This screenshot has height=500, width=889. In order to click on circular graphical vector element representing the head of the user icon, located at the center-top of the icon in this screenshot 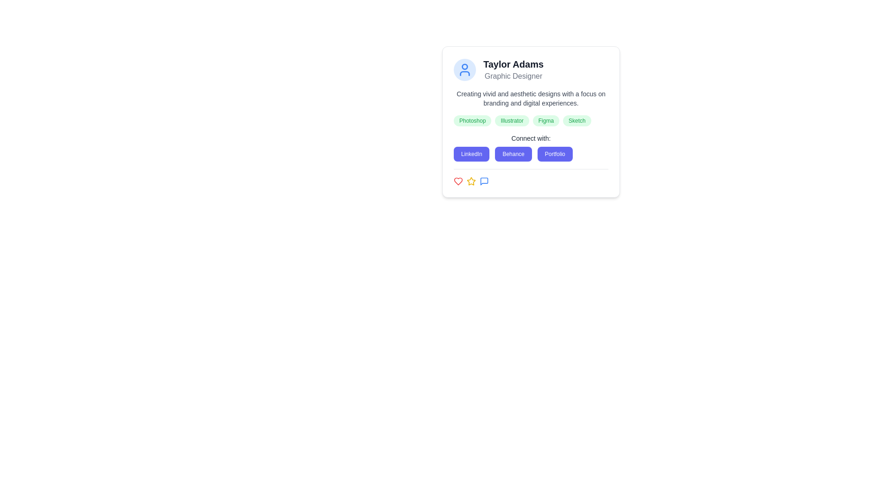, I will do `click(464, 66)`.